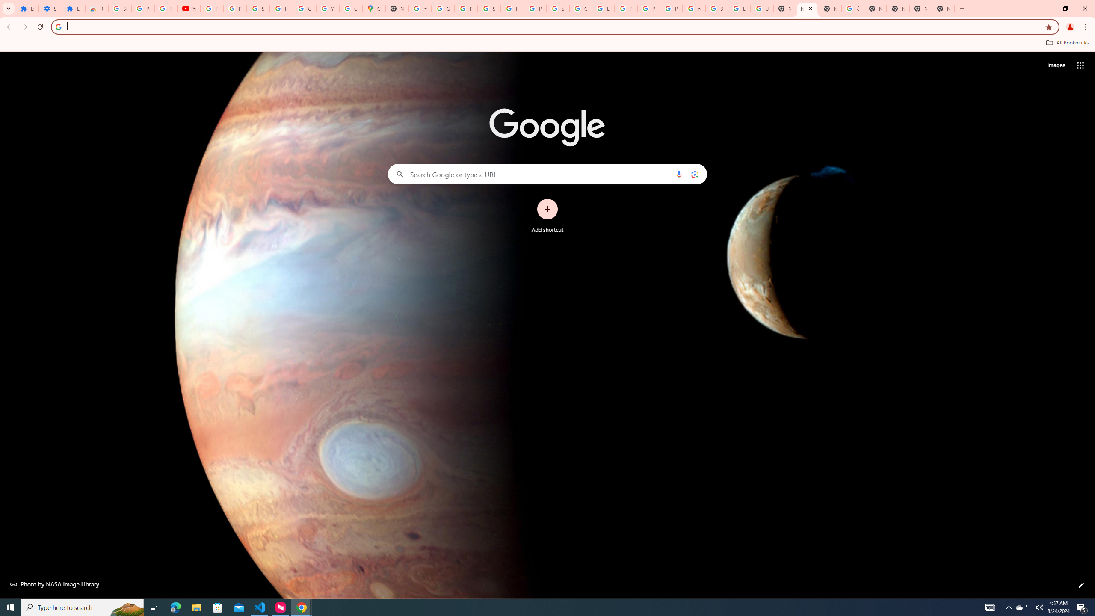 This screenshot has width=1095, height=616. I want to click on 'Customize this page', so click(1081, 585).